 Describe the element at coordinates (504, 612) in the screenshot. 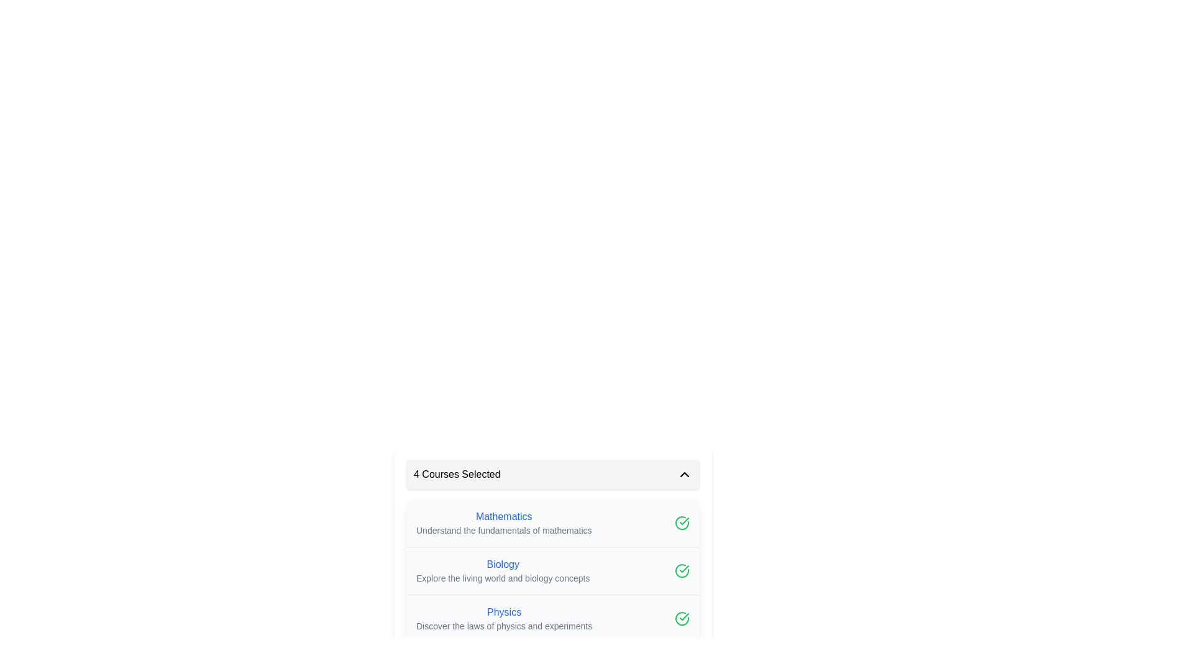

I see `the 'Physics' course title label in the lower central area of the course list` at that location.